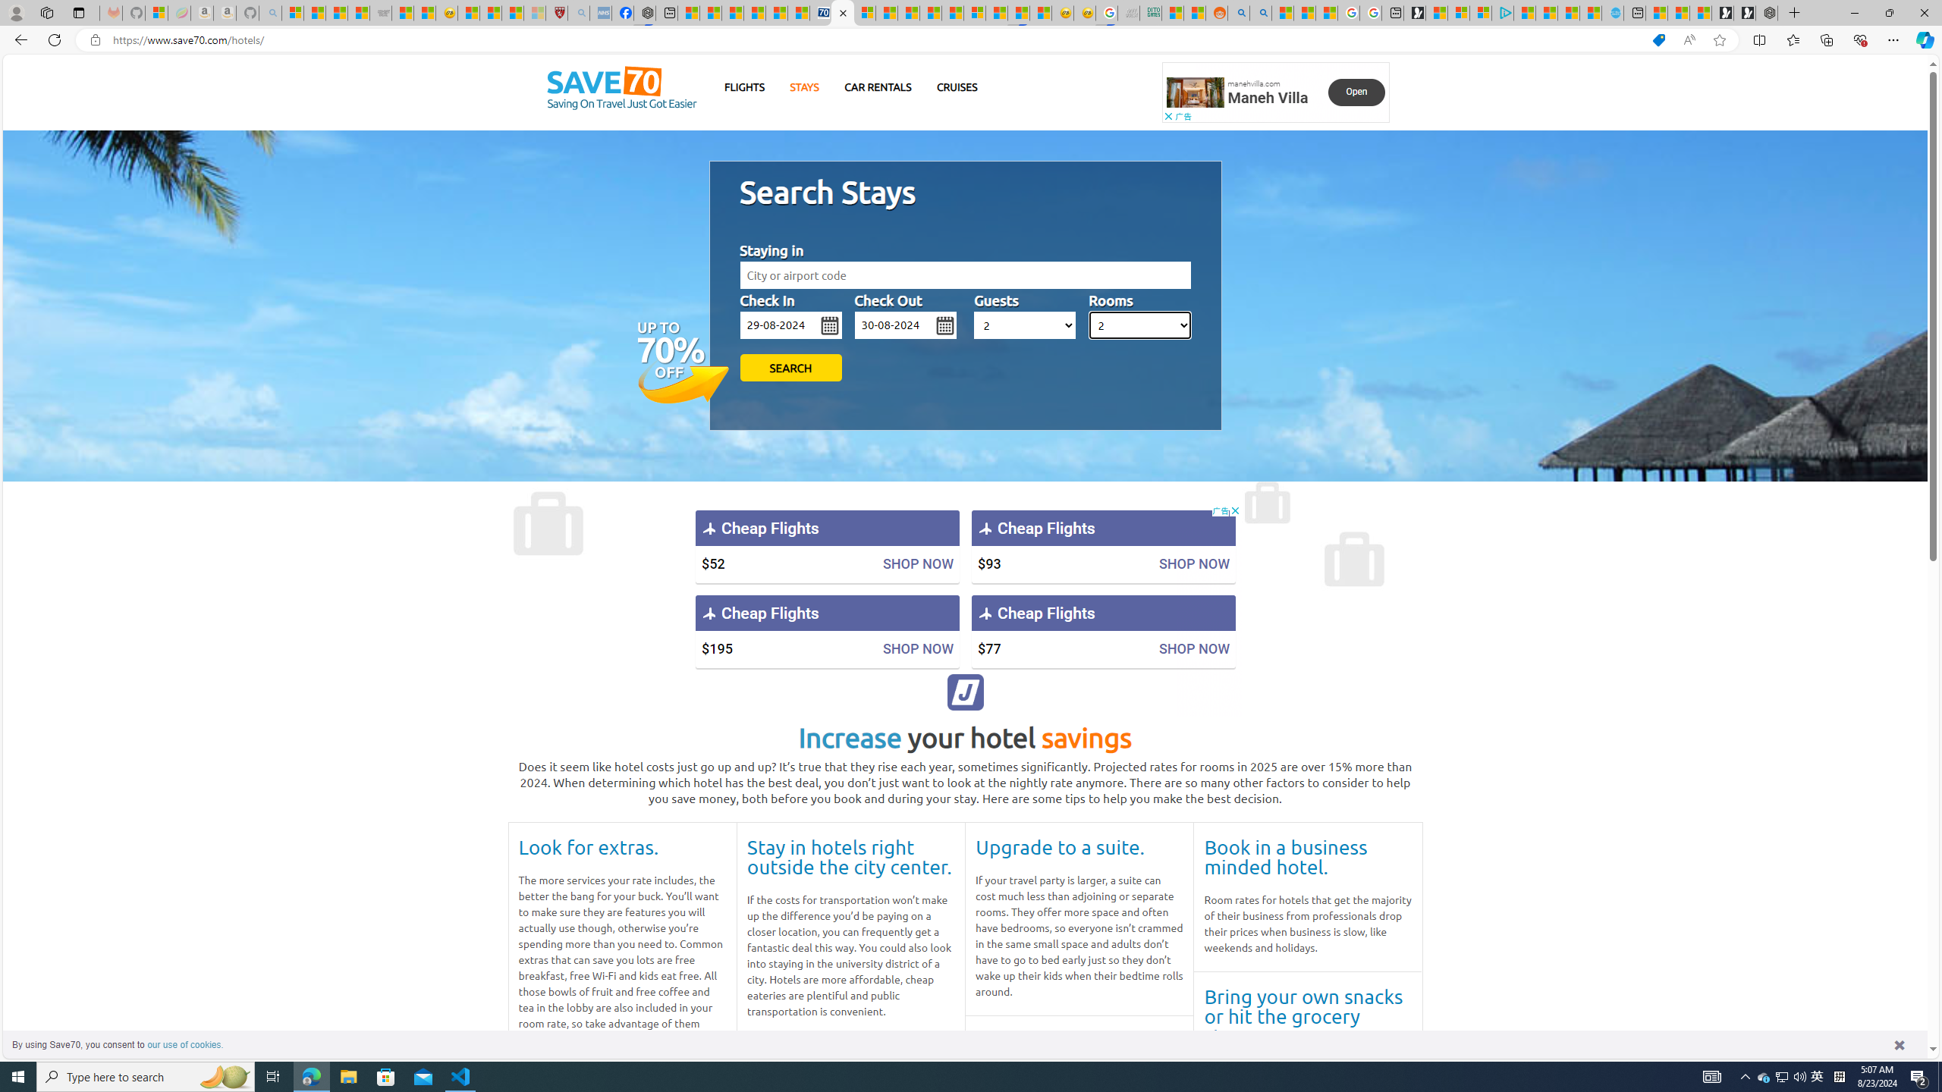 The height and width of the screenshot is (1092, 1942). What do you see at coordinates (744, 86) in the screenshot?
I see `'FLIGHTS'` at bounding box center [744, 86].